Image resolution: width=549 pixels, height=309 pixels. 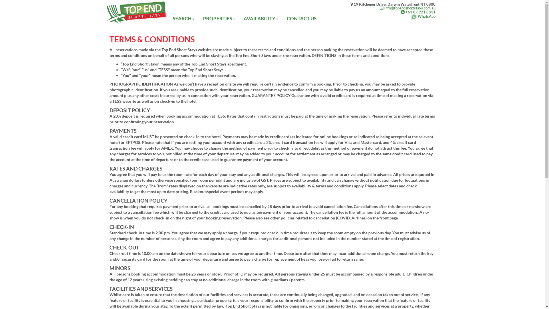 I want to click on 'SEARCH', so click(x=184, y=18).